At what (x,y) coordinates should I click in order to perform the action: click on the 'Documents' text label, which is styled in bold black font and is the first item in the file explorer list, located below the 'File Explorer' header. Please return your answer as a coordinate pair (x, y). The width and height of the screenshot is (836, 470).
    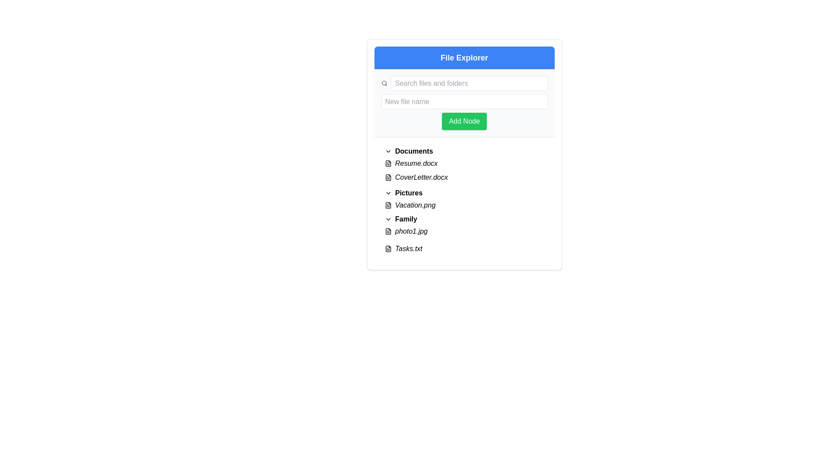
    Looking at the image, I should click on (413, 151).